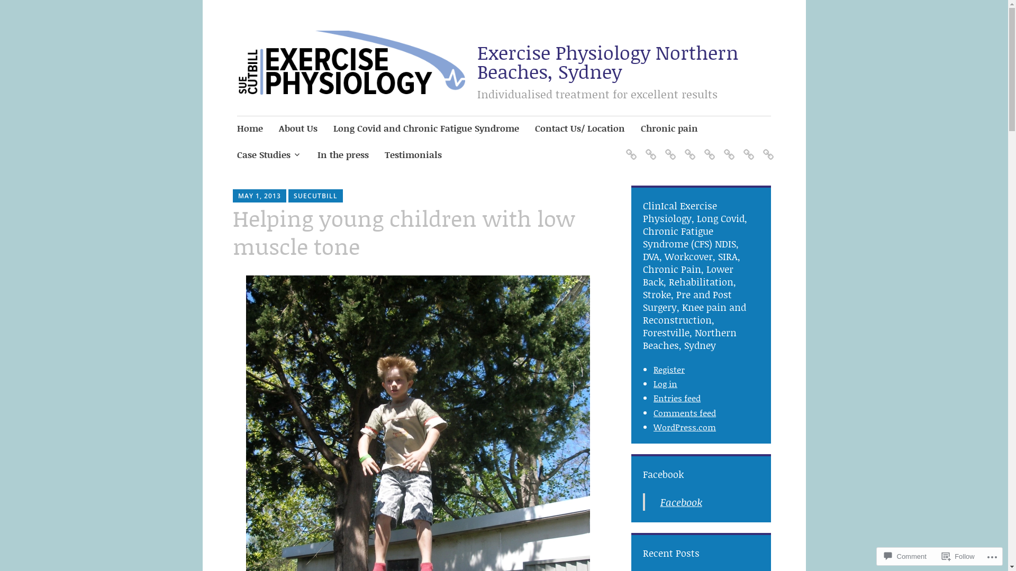 Image resolution: width=1016 pixels, height=571 pixels. What do you see at coordinates (315, 196) in the screenshot?
I see `'SUECUTBILL'` at bounding box center [315, 196].